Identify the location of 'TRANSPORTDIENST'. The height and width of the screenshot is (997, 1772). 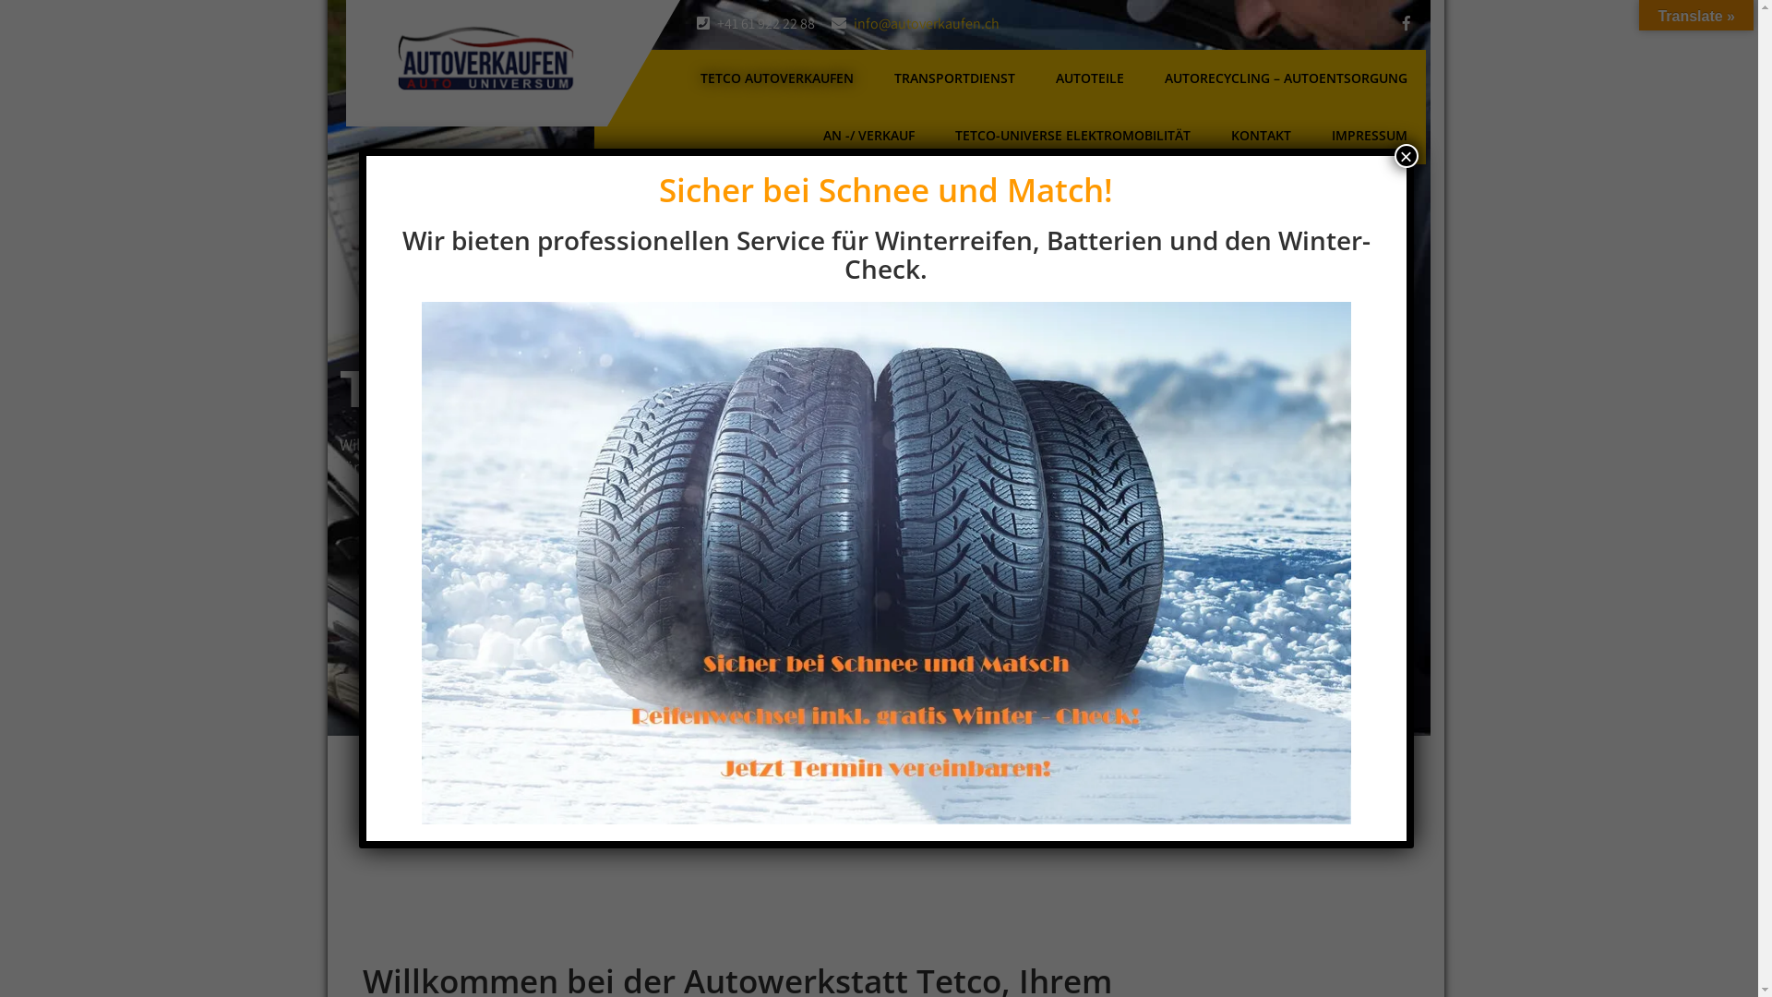
(954, 77).